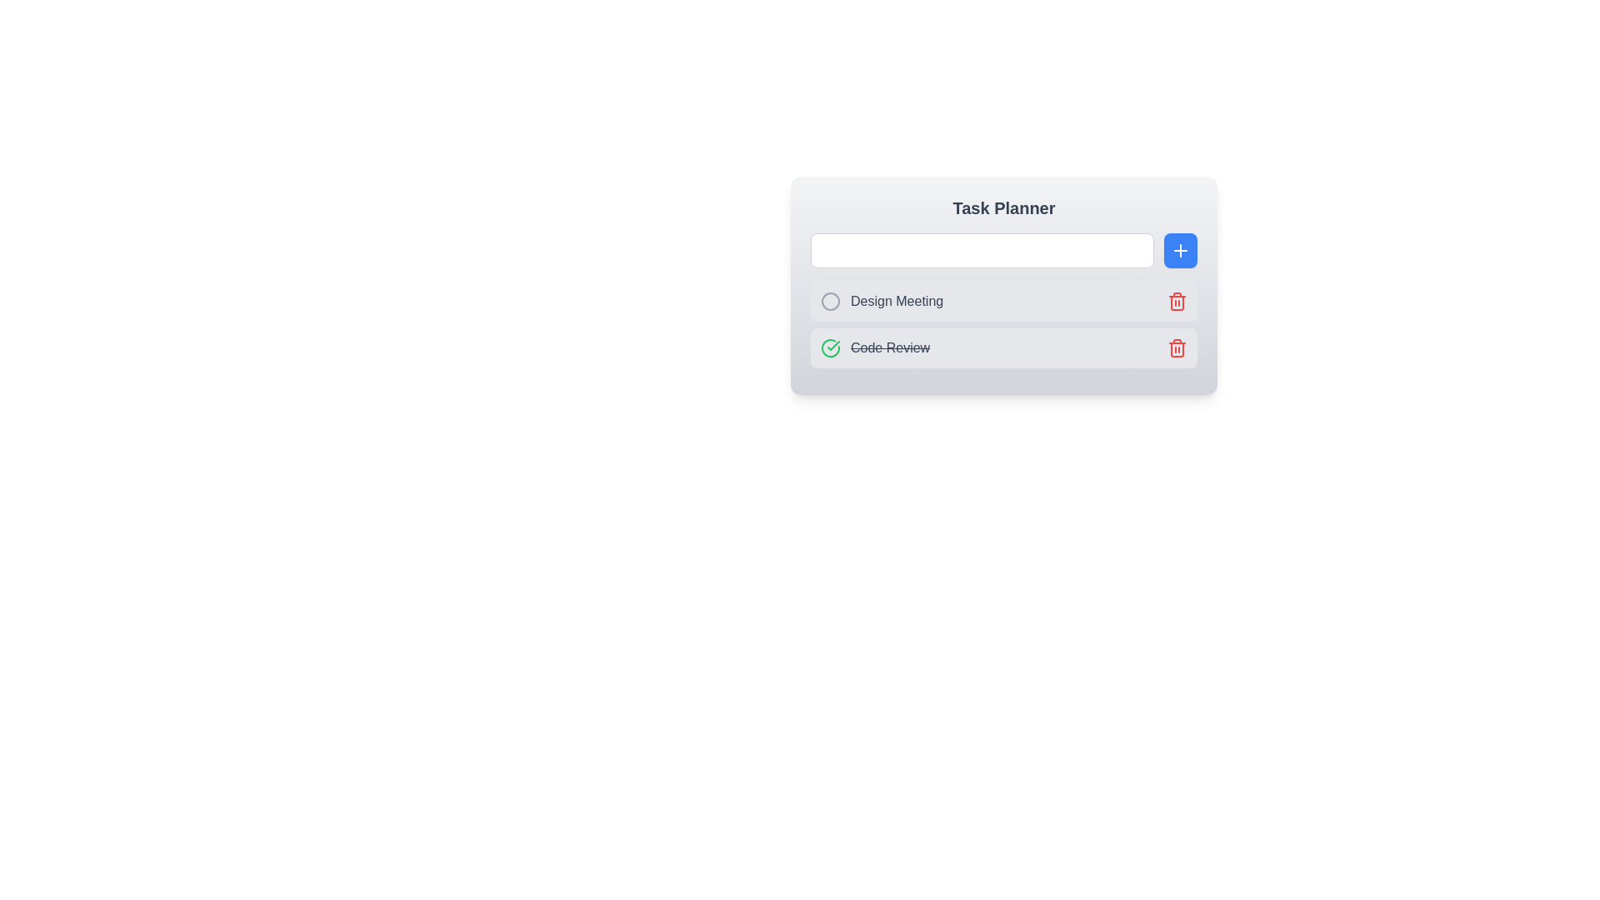 Image resolution: width=1600 pixels, height=900 pixels. I want to click on the checkbox to the left of the 'Code Review' text in the task list, so click(831, 347).